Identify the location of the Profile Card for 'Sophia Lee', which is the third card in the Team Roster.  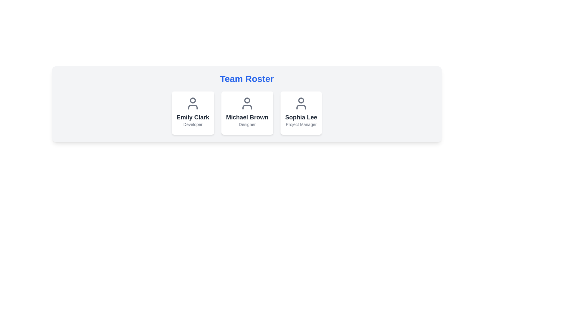
(301, 113).